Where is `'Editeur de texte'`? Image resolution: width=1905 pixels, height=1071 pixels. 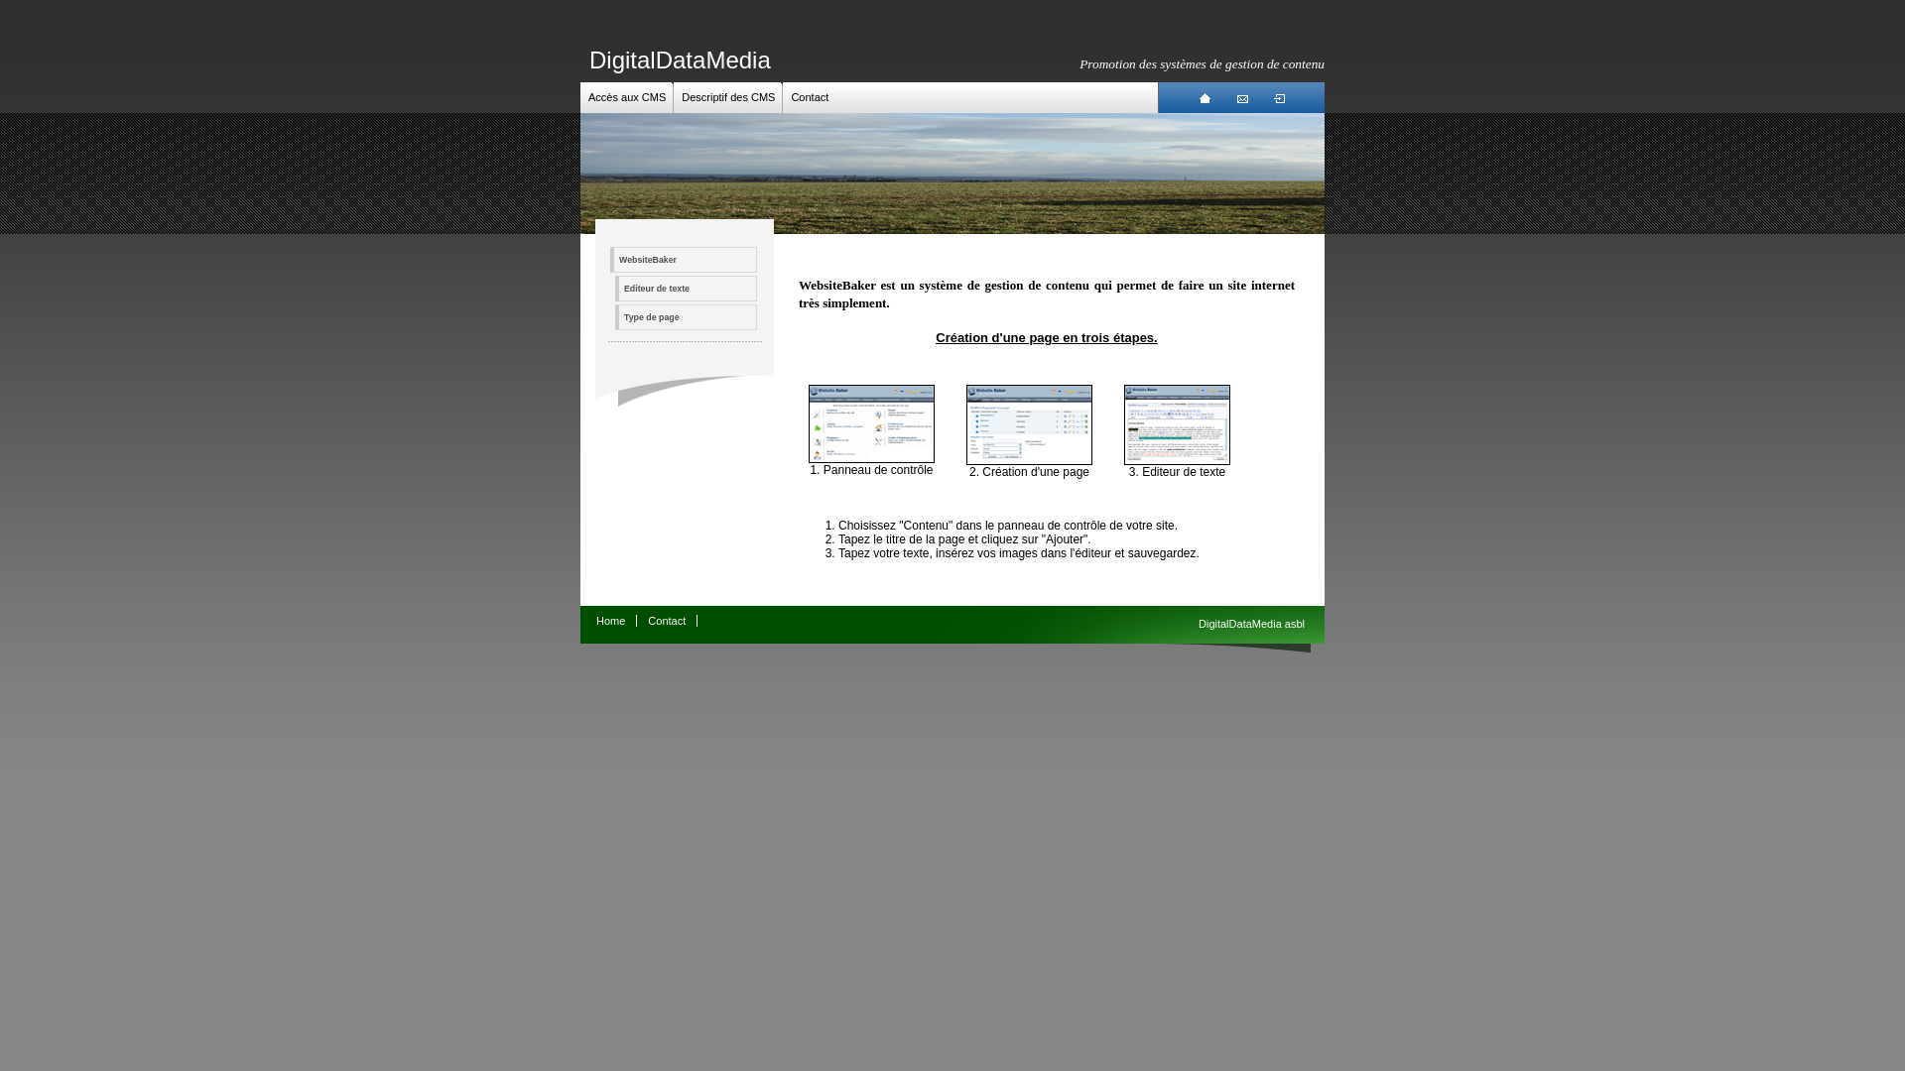
'Editeur de texte' is located at coordinates (613, 288).